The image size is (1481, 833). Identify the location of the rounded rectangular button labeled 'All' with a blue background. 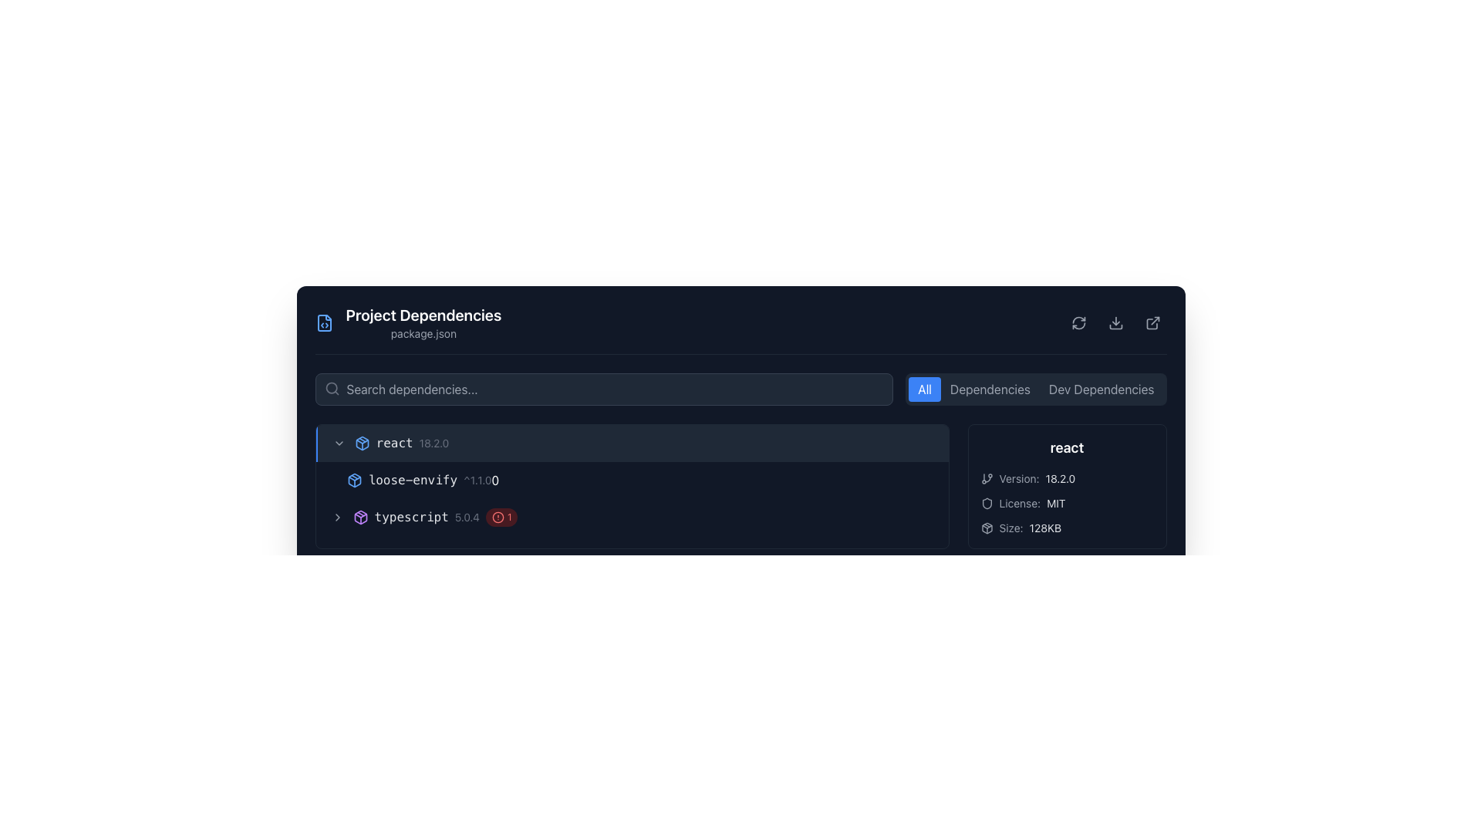
(925, 389).